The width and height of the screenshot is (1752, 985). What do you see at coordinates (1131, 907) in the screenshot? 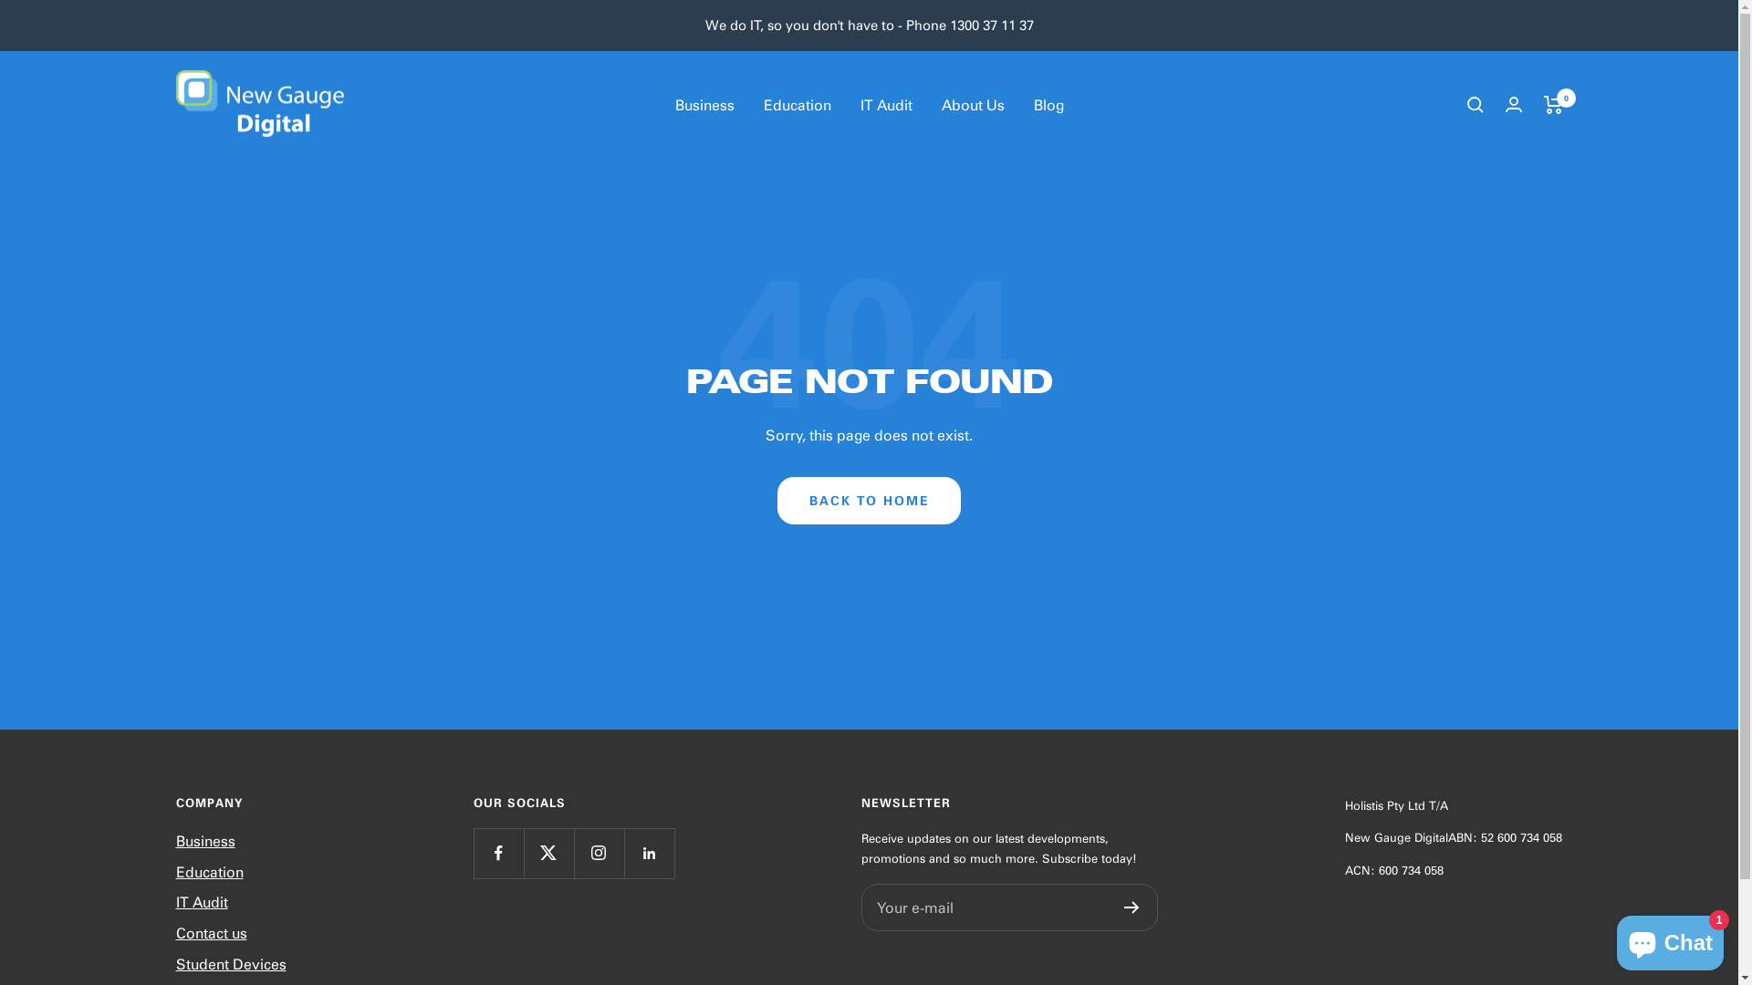
I see `'Register'` at bounding box center [1131, 907].